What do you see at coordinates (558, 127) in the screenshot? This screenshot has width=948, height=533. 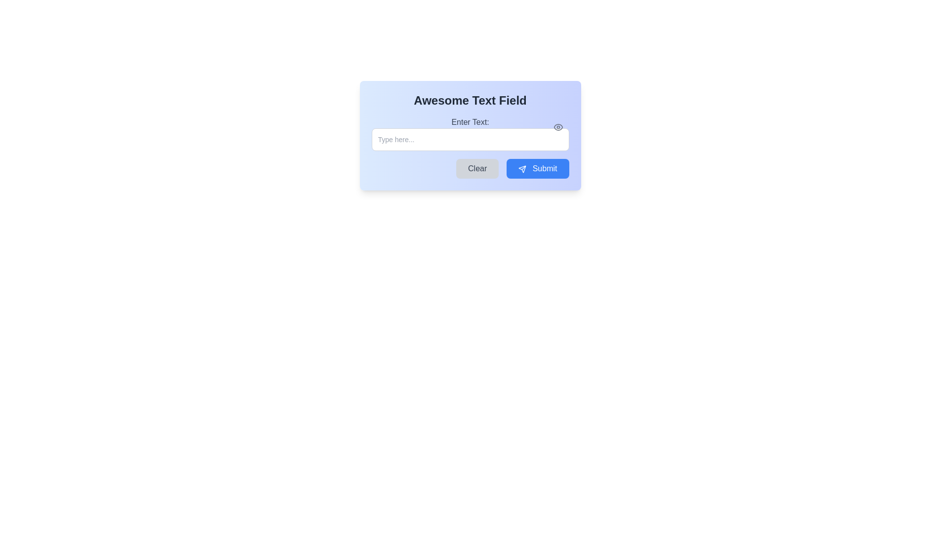 I see `the password visibility toggle button located at the right side of the input field, which allows users` at bounding box center [558, 127].